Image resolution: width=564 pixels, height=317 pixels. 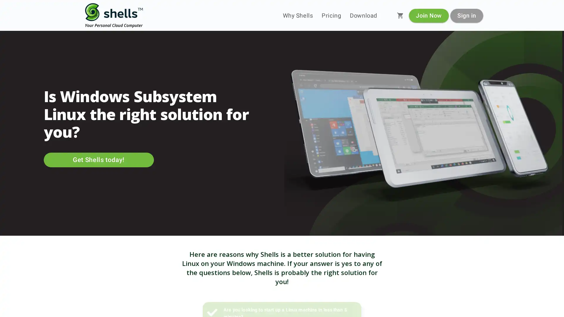 I want to click on Join Now, so click(x=429, y=15).